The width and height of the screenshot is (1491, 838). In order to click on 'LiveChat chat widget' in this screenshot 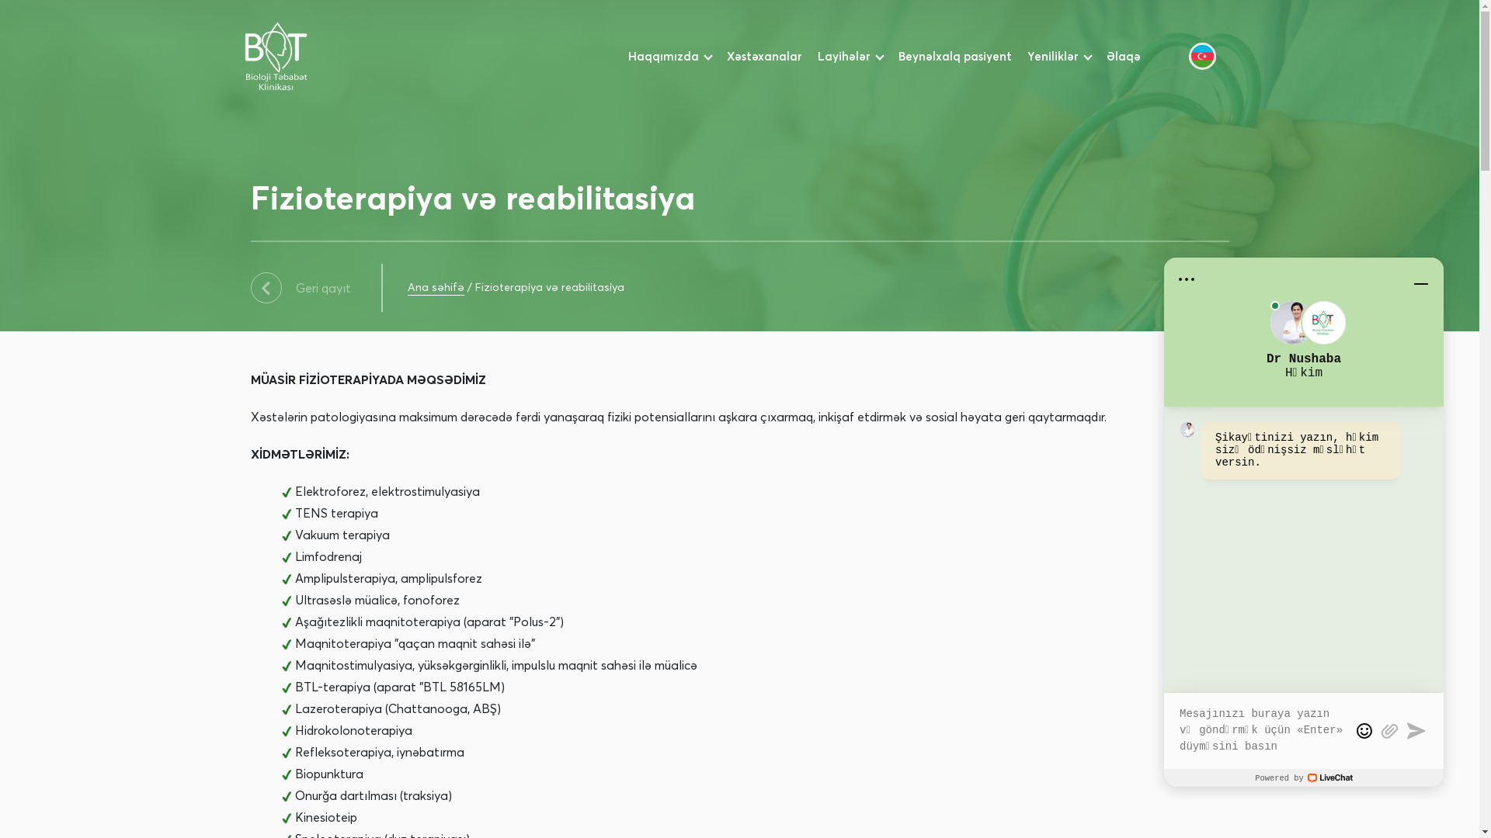, I will do `click(1304, 521)`.